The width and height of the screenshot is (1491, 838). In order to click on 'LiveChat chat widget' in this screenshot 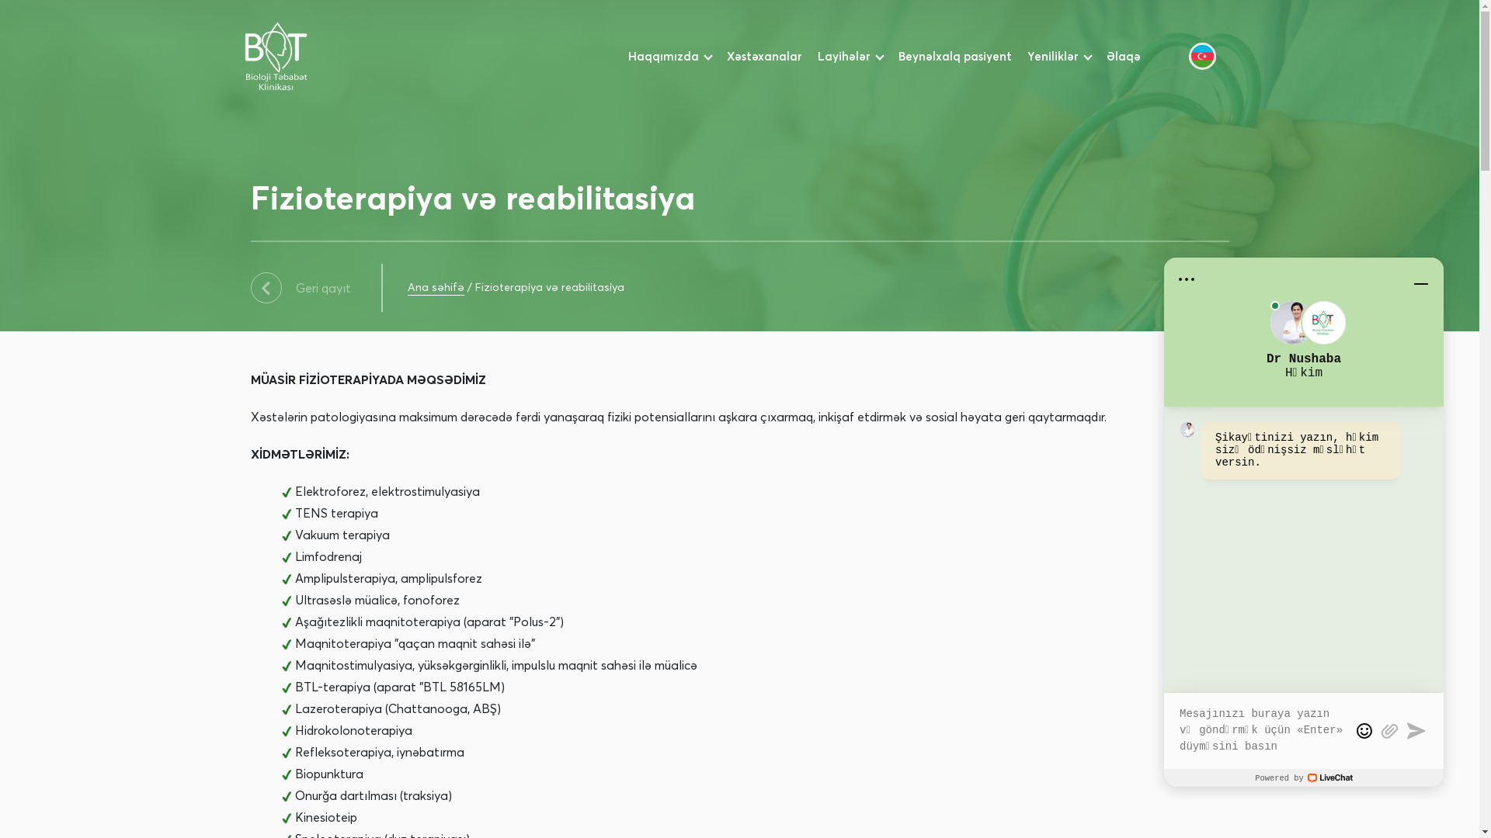, I will do `click(1304, 521)`.